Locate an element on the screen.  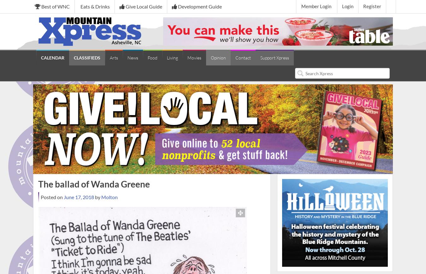
'Member Login' is located at coordinates (316, 6).